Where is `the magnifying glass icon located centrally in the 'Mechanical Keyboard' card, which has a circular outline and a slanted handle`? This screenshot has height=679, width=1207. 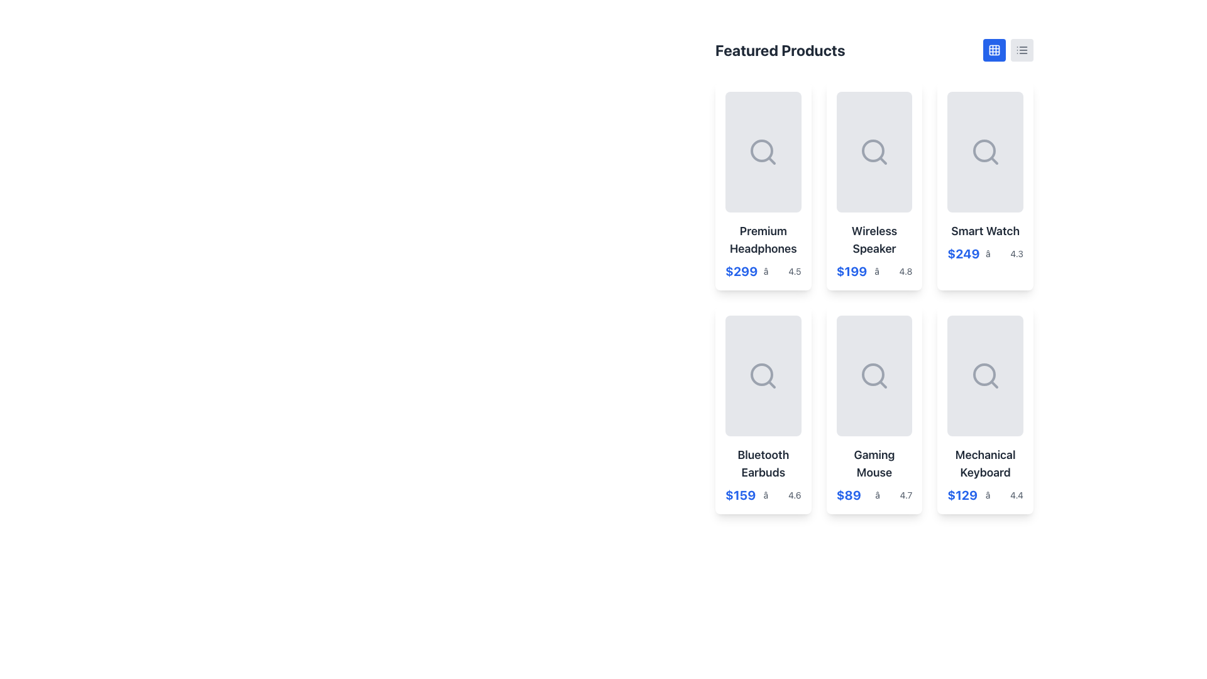
the magnifying glass icon located centrally in the 'Mechanical Keyboard' card, which has a circular outline and a slanted handle is located at coordinates (984, 375).